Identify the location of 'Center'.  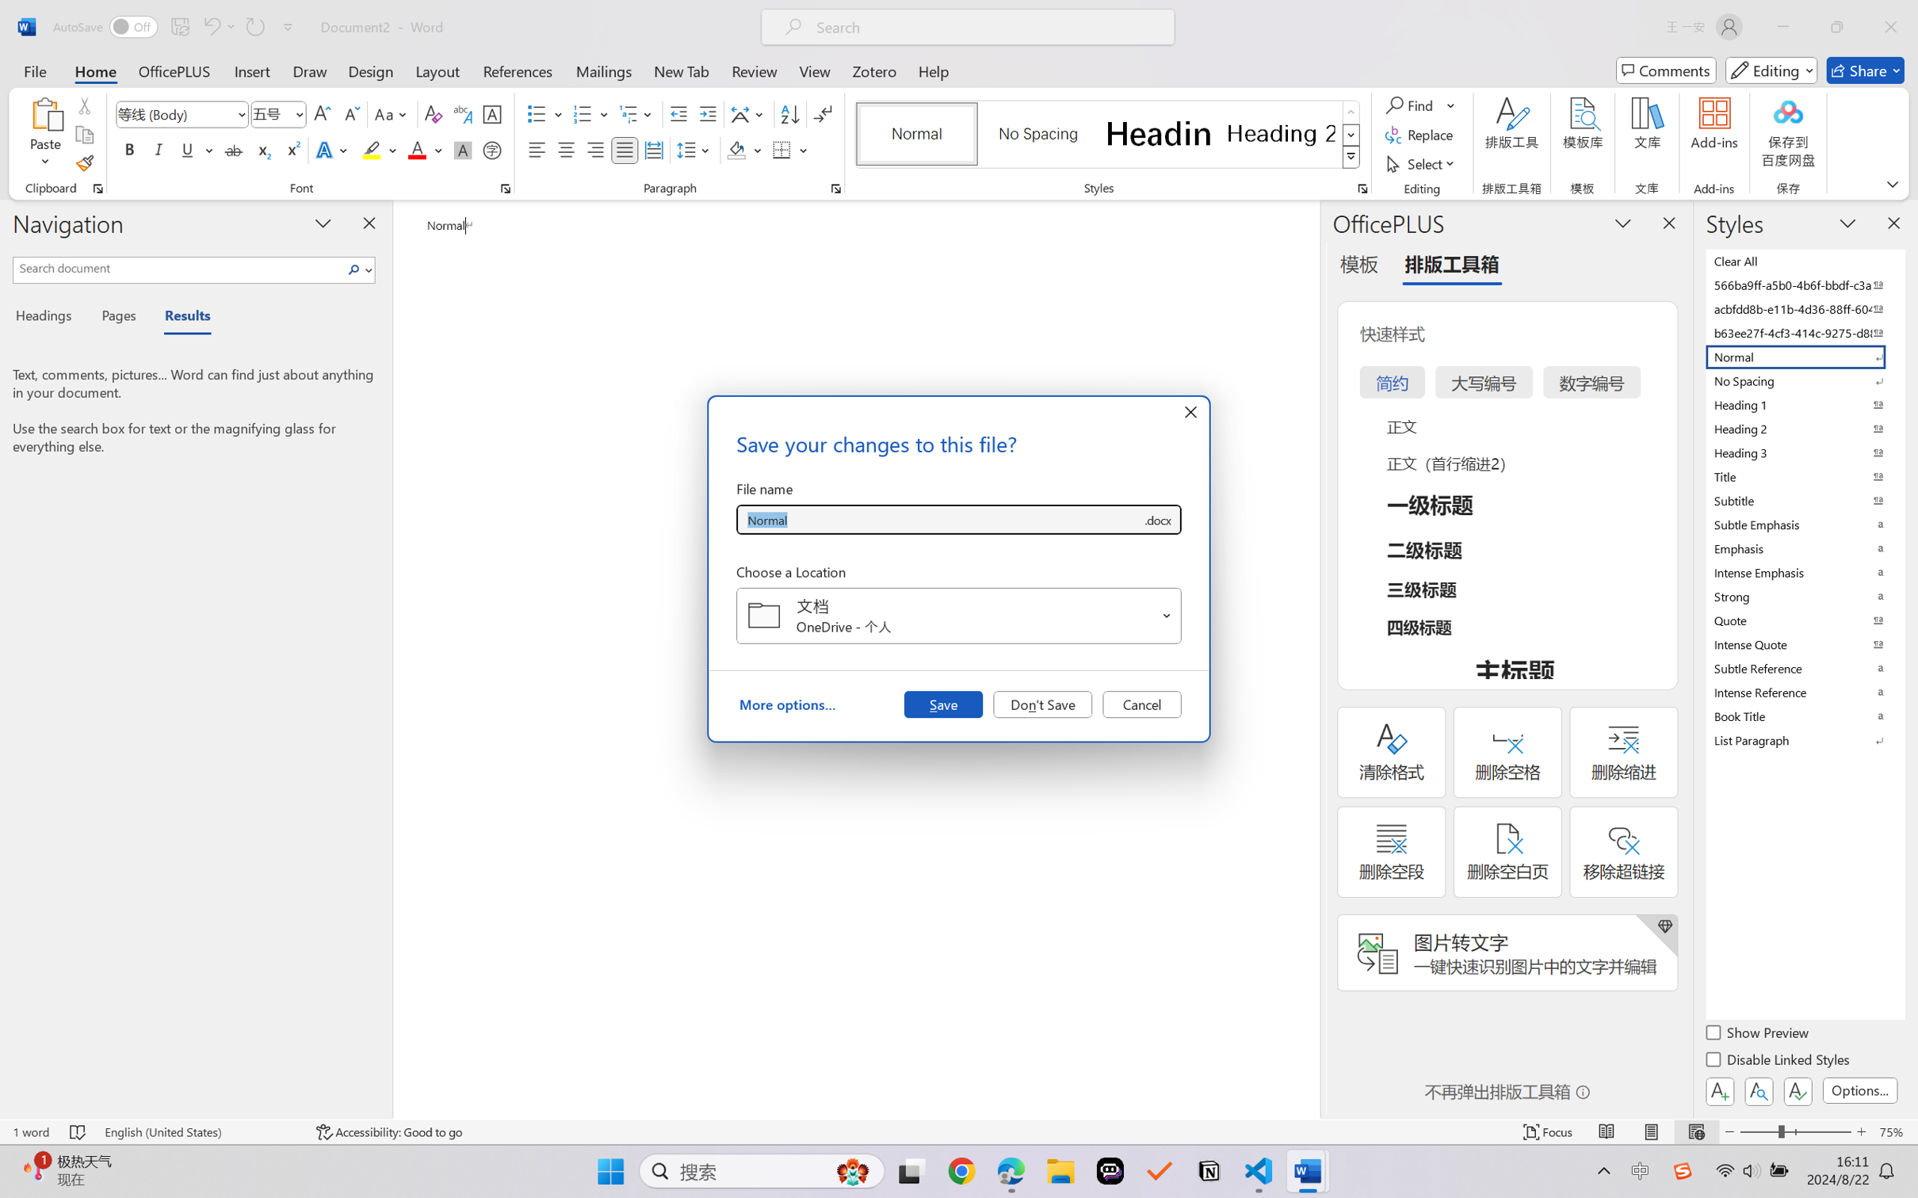
(565, 149).